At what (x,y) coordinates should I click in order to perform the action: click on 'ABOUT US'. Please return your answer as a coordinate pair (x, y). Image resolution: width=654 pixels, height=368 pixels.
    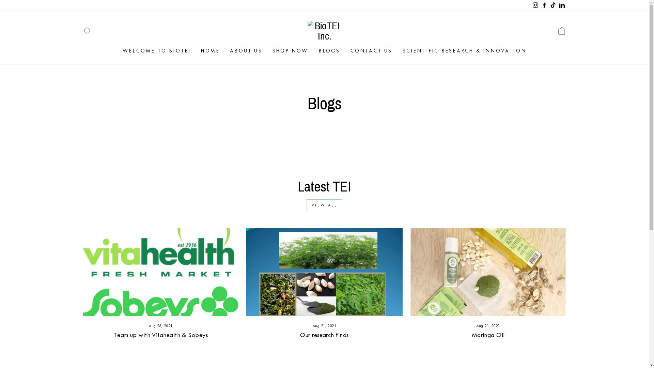
    Looking at the image, I should click on (225, 50).